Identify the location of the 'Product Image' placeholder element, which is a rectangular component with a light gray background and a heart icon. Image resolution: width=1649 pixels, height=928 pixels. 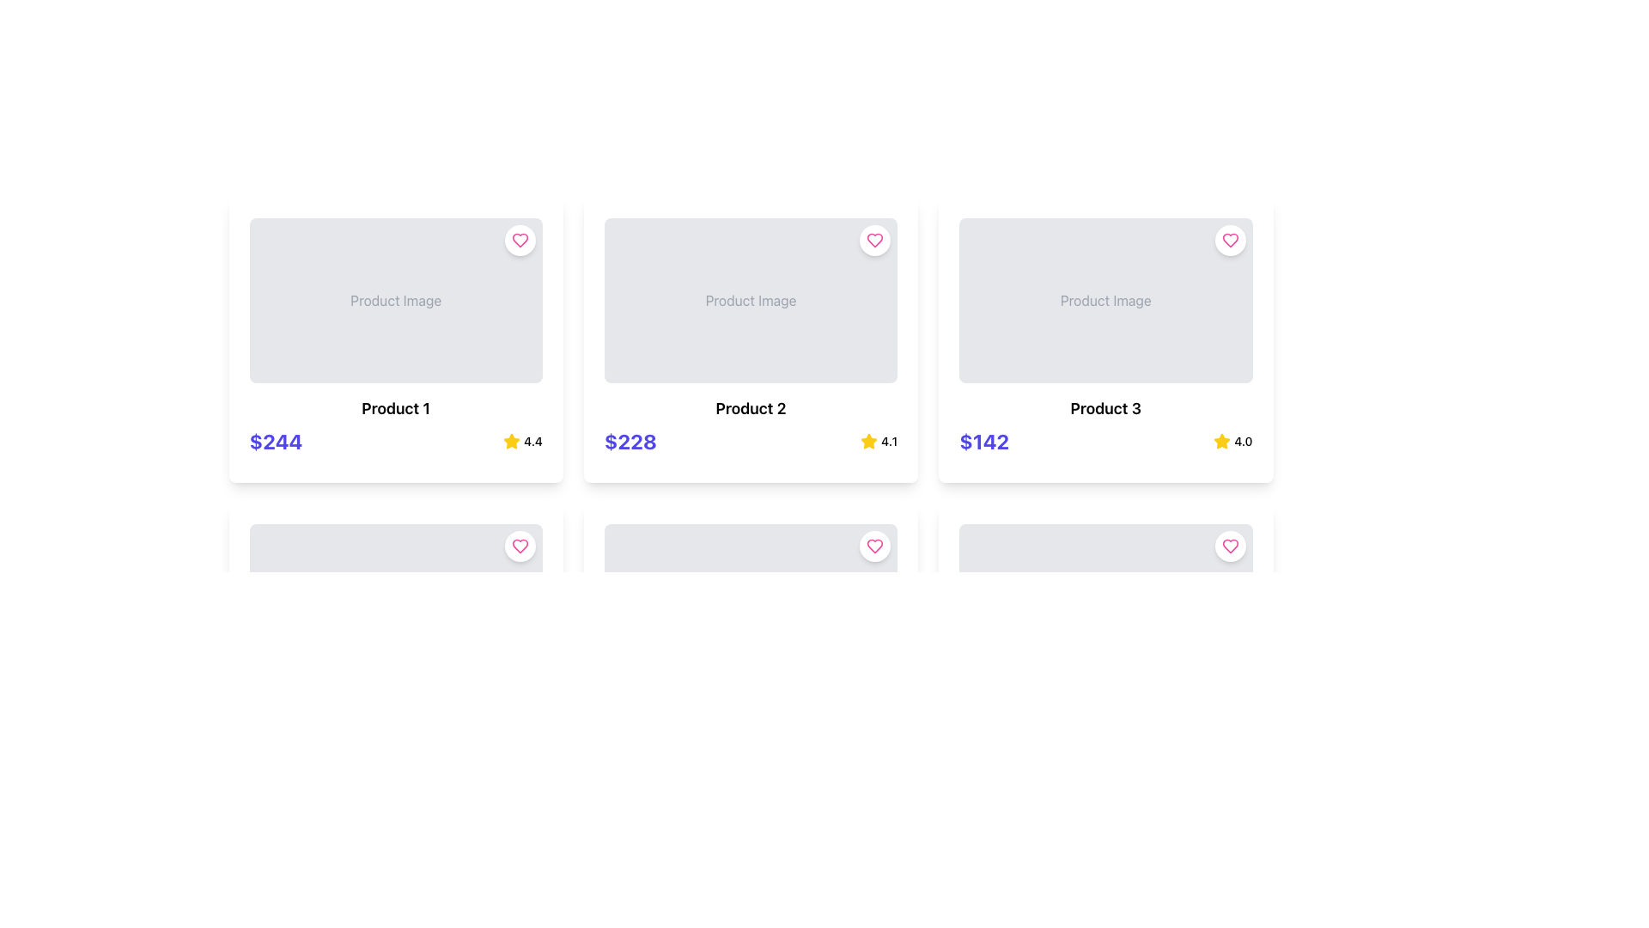
(751, 300).